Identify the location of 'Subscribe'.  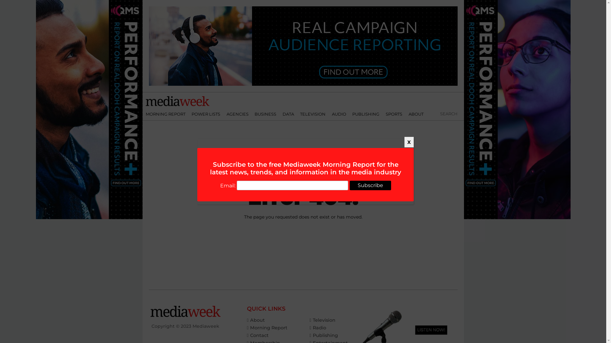
(370, 185).